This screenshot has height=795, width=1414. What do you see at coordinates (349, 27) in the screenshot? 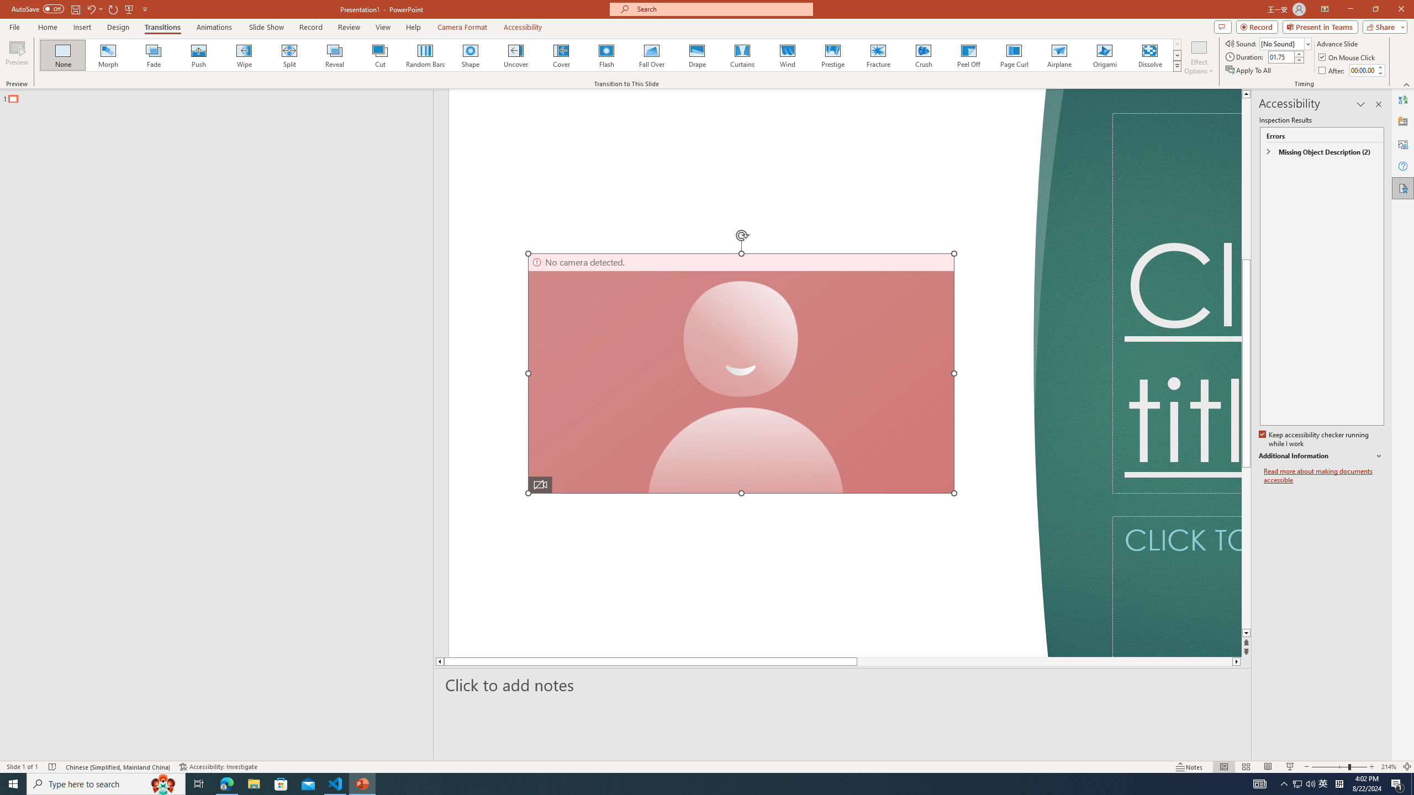
I see `'Review'` at bounding box center [349, 27].